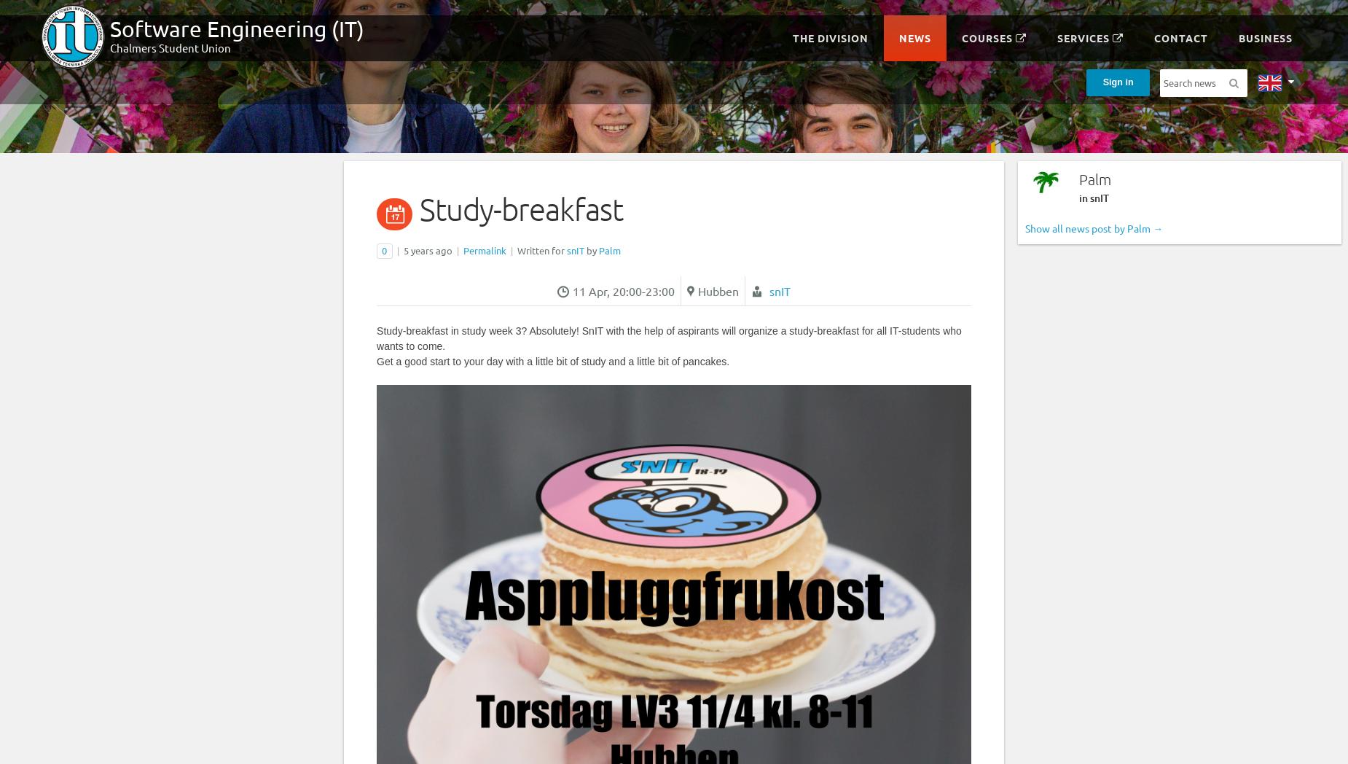 The height and width of the screenshot is (764, 1348). I want to click on 'Show all news post by Palm', so click(1087, 228).